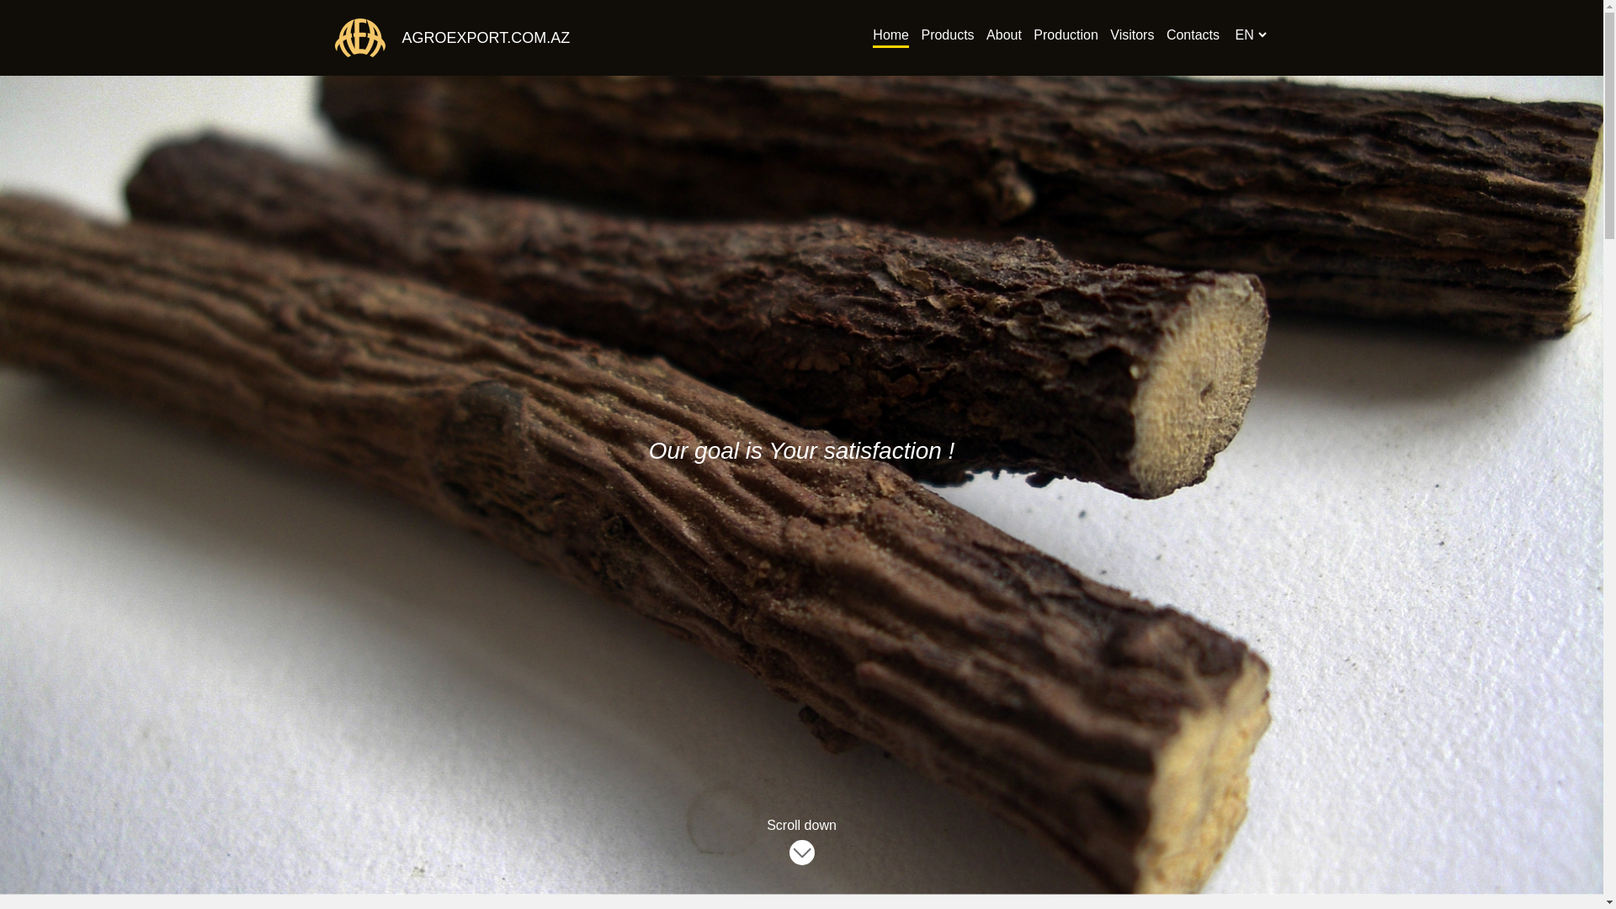 The width and height of the screenshot is (1616, 909). What do you see at coordinates (476, 38) in the screenshot?
I see `'AGROEXPORT.COM.AZ'` at bounding box center [476, 38].